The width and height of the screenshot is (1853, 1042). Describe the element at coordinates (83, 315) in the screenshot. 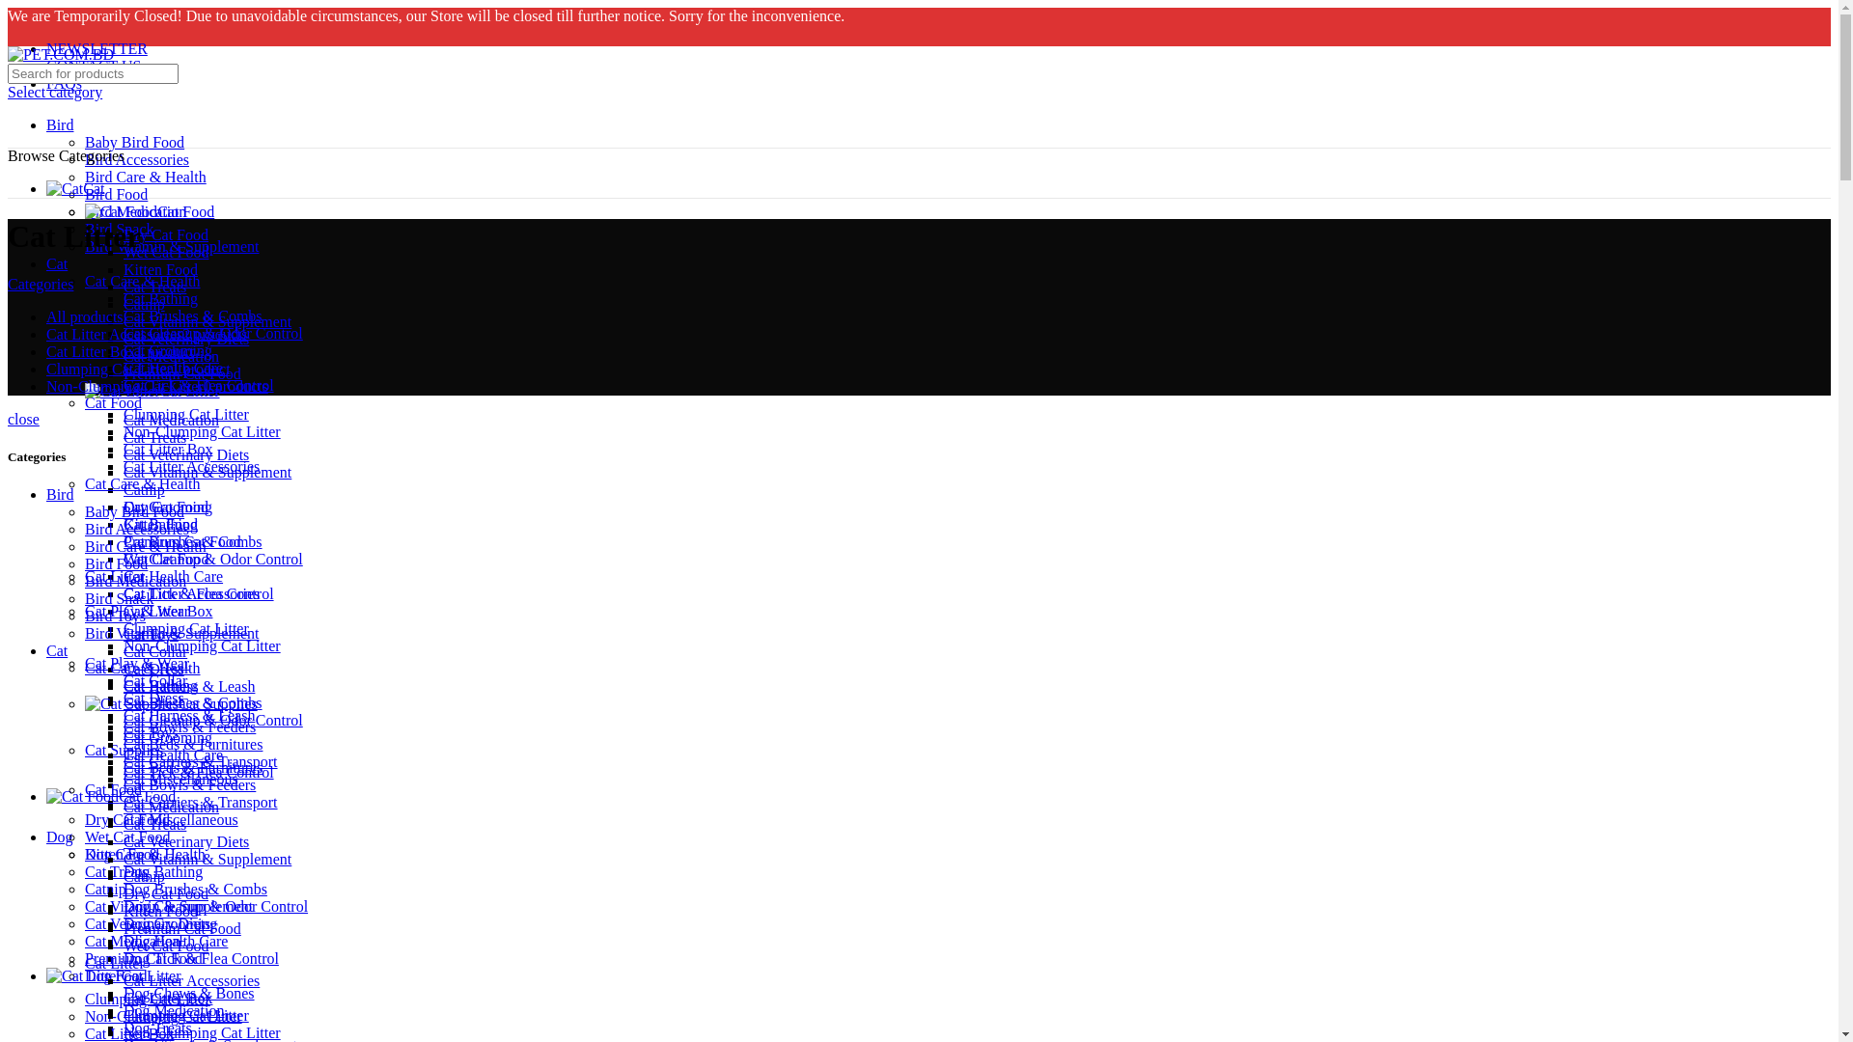

I see `'All products'` at that location.